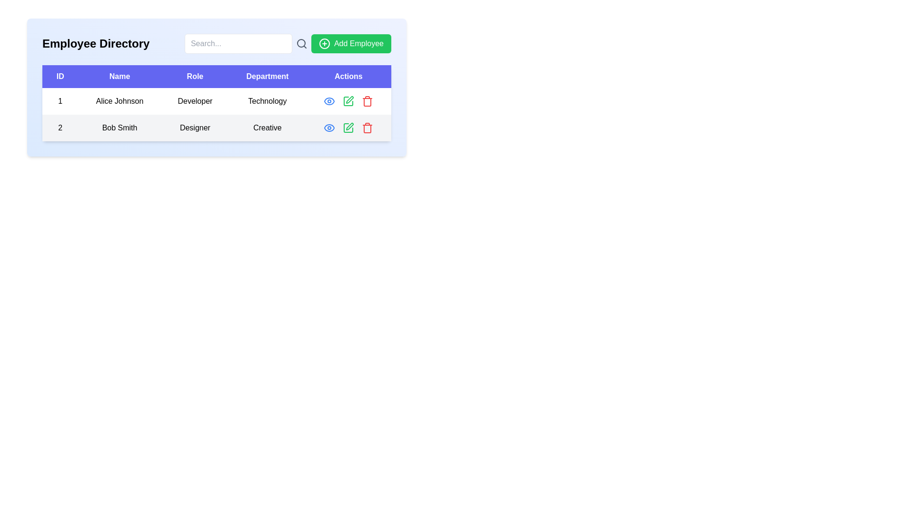  I want to click on the edit button icon located in the 'Actions' column of the second row in the data table, so click(349, 126).